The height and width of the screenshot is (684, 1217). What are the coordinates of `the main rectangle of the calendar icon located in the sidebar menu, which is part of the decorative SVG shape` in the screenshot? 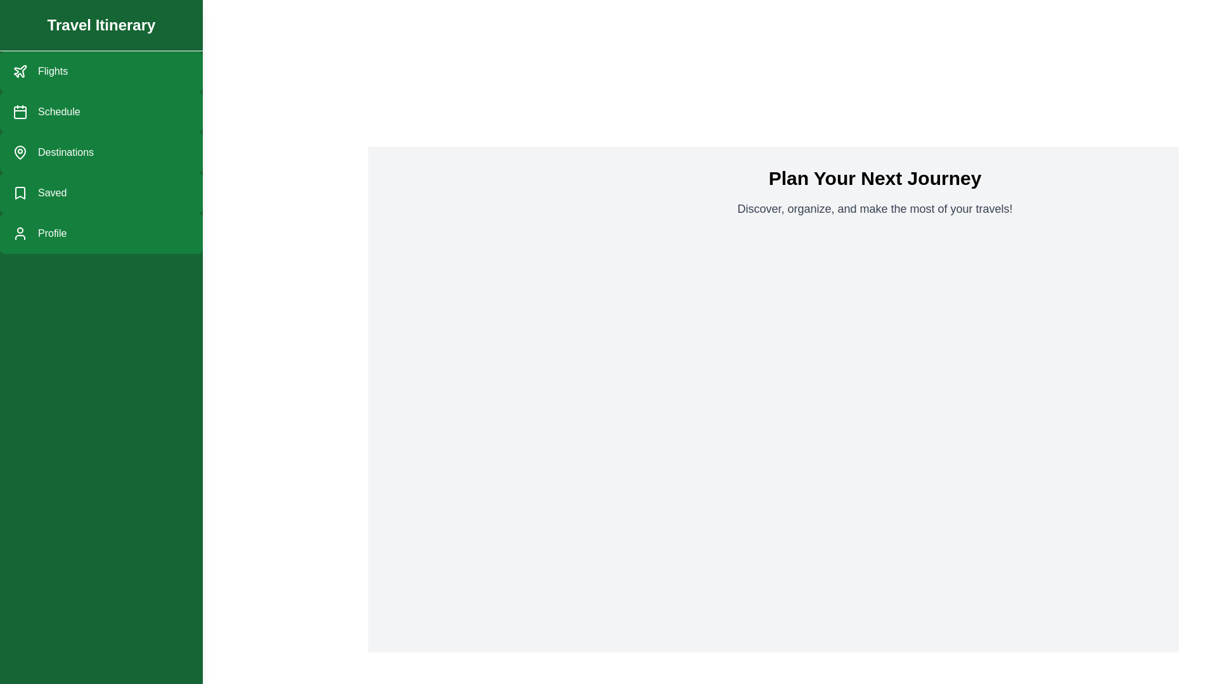 It's located at (20, 111).